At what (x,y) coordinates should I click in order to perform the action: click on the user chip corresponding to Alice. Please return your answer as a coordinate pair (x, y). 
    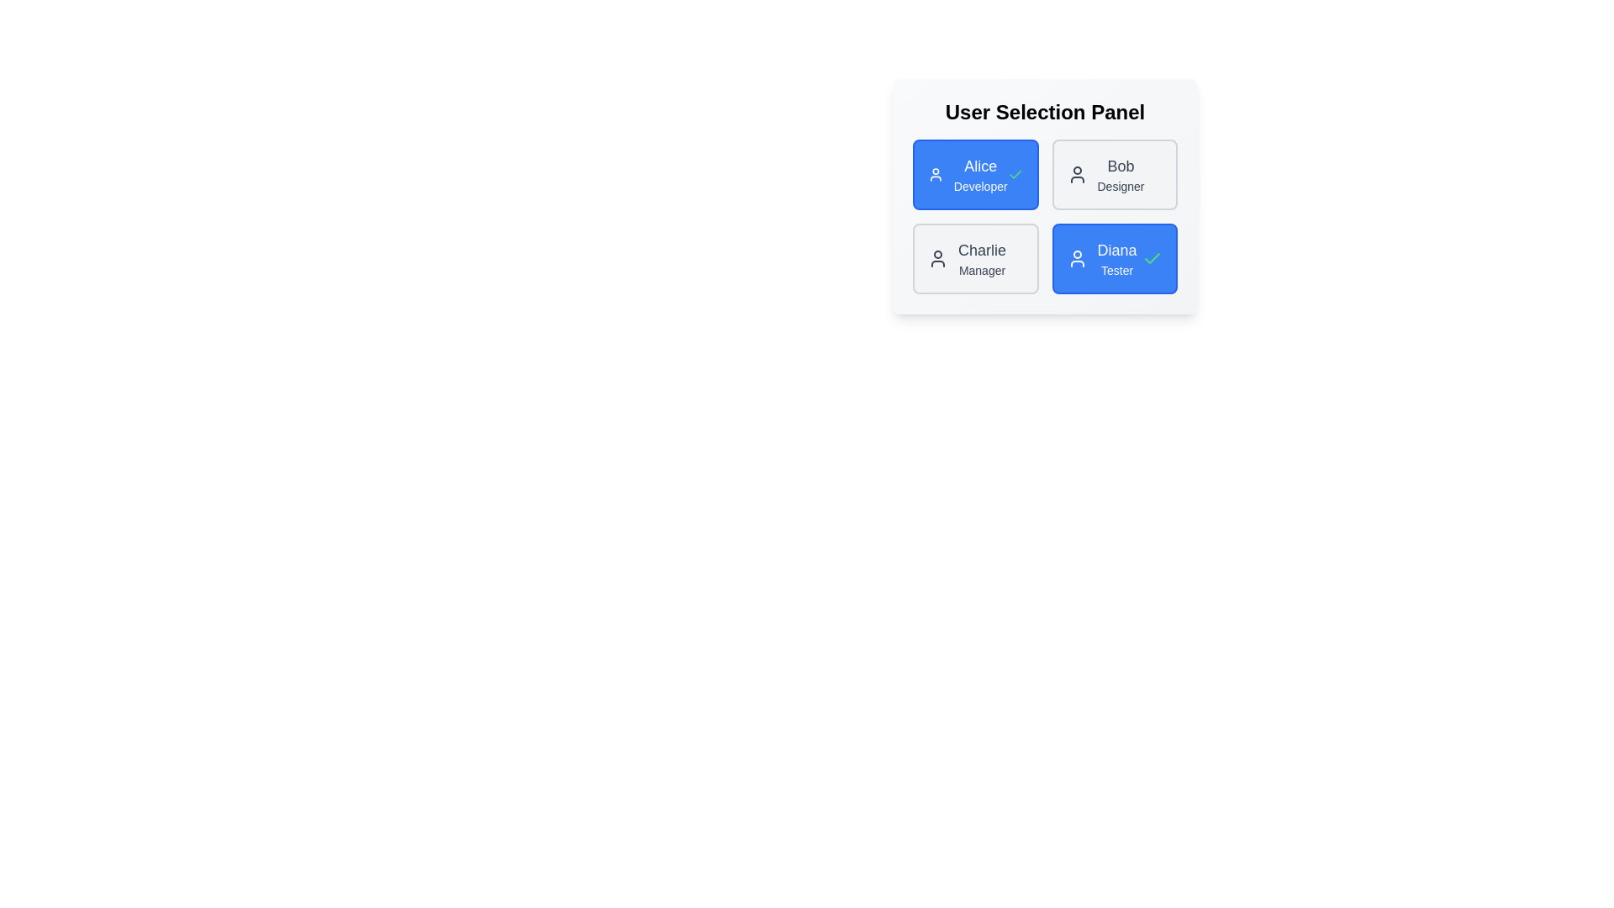
    Looking at the image, I should click on (975, 175).